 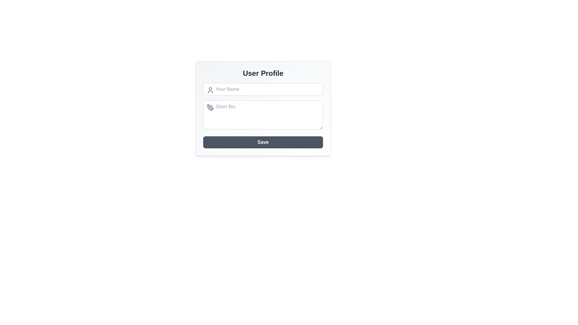 I want to click on the 'Save' button located at the bottom of the 'User Profile' section, styled with a dark gray background and white text, so click(x=263, y=142).